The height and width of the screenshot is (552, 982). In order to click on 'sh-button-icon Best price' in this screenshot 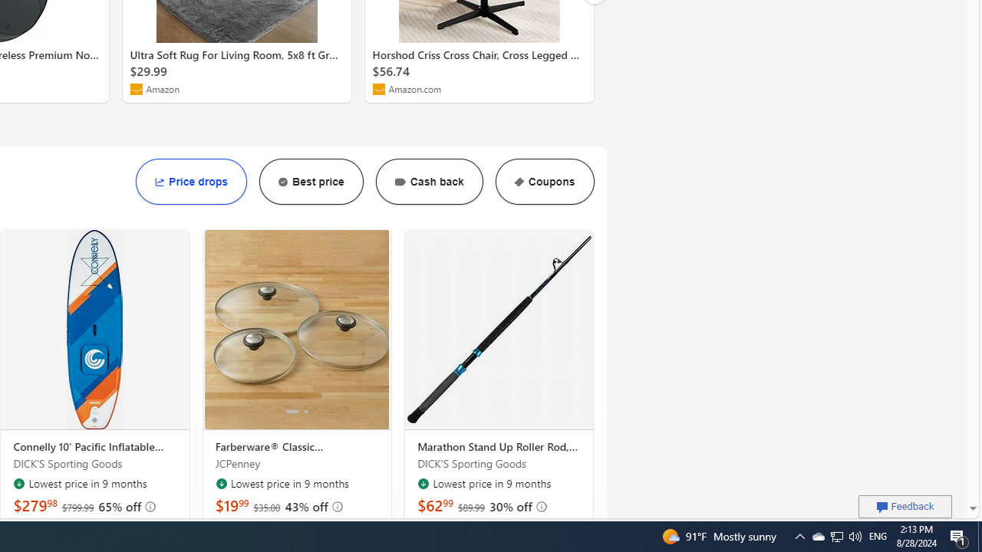, I will do `click(310, 181)`.